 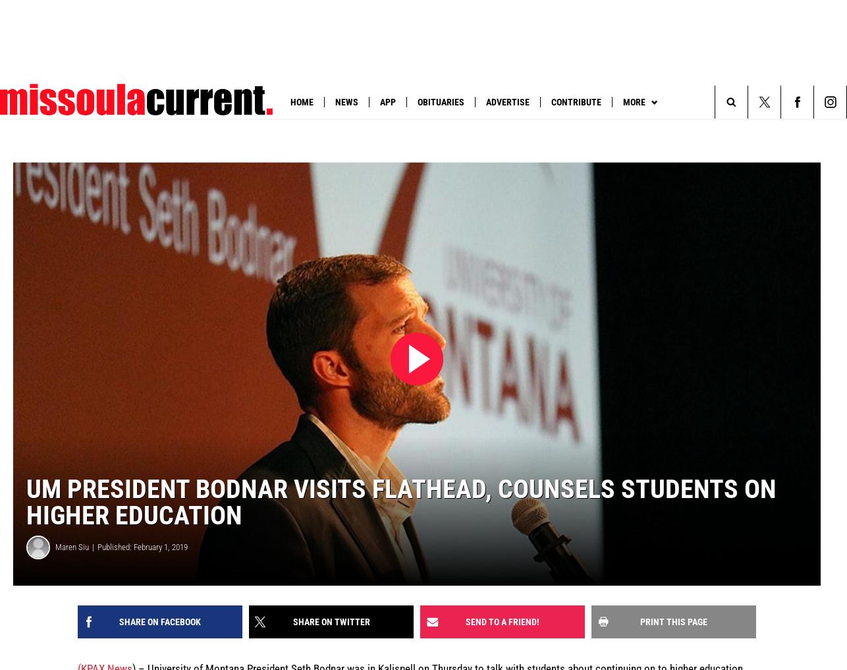 I want to click on 'Print this page', so click(x=639, y=621).